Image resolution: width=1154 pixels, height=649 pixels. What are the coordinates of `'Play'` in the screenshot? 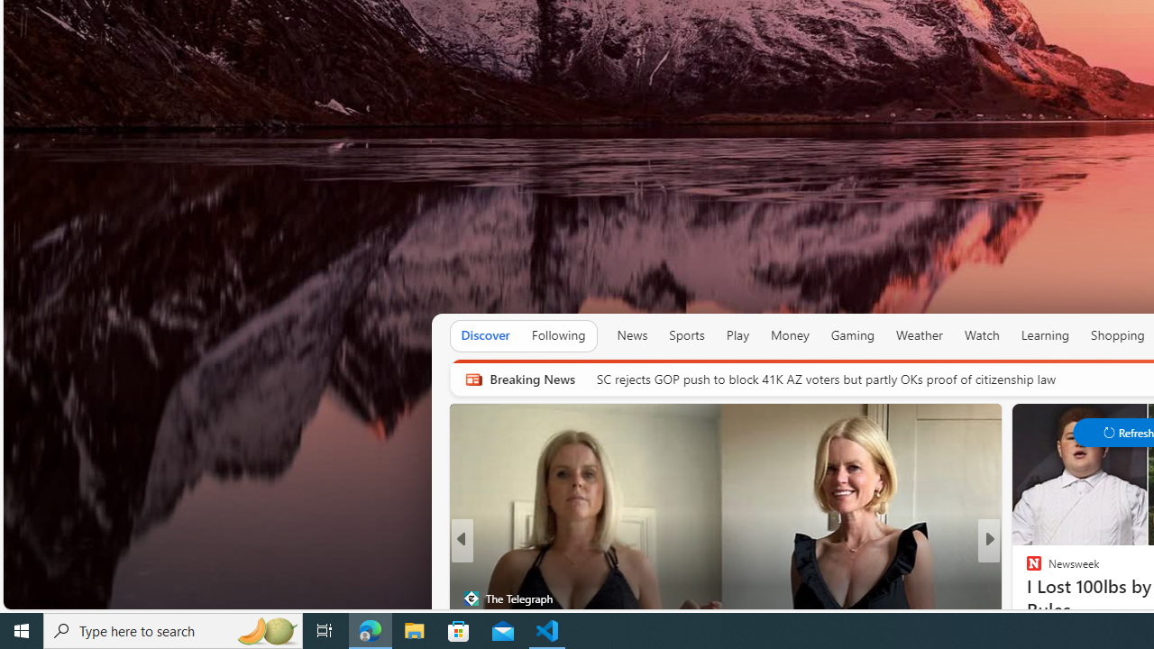 It's located at (737, 335).